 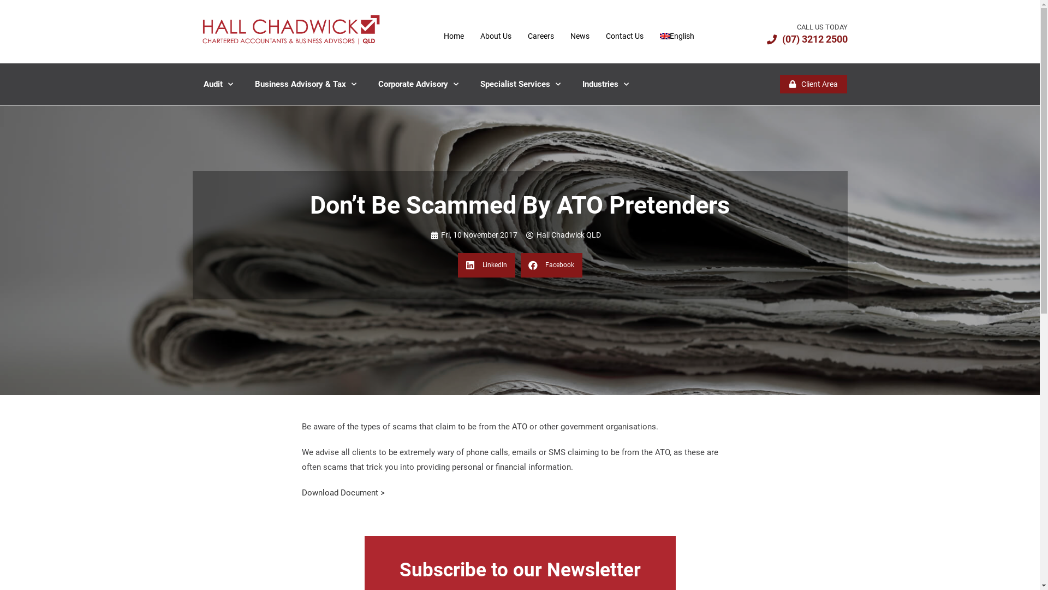 I want to click on 'Careers', so click(x=519, y=35).